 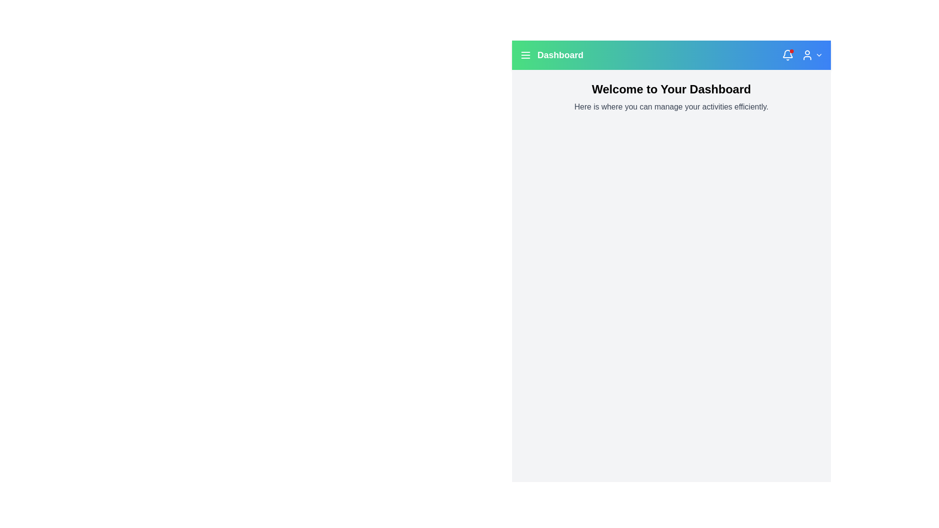 What do you see at coordinates (807, 55) in the screenshot?
I see `the user silhouette icon located in the horizontal toolbar at the top of the page, specifically the second position from the right` at bounding box center [807, 55].